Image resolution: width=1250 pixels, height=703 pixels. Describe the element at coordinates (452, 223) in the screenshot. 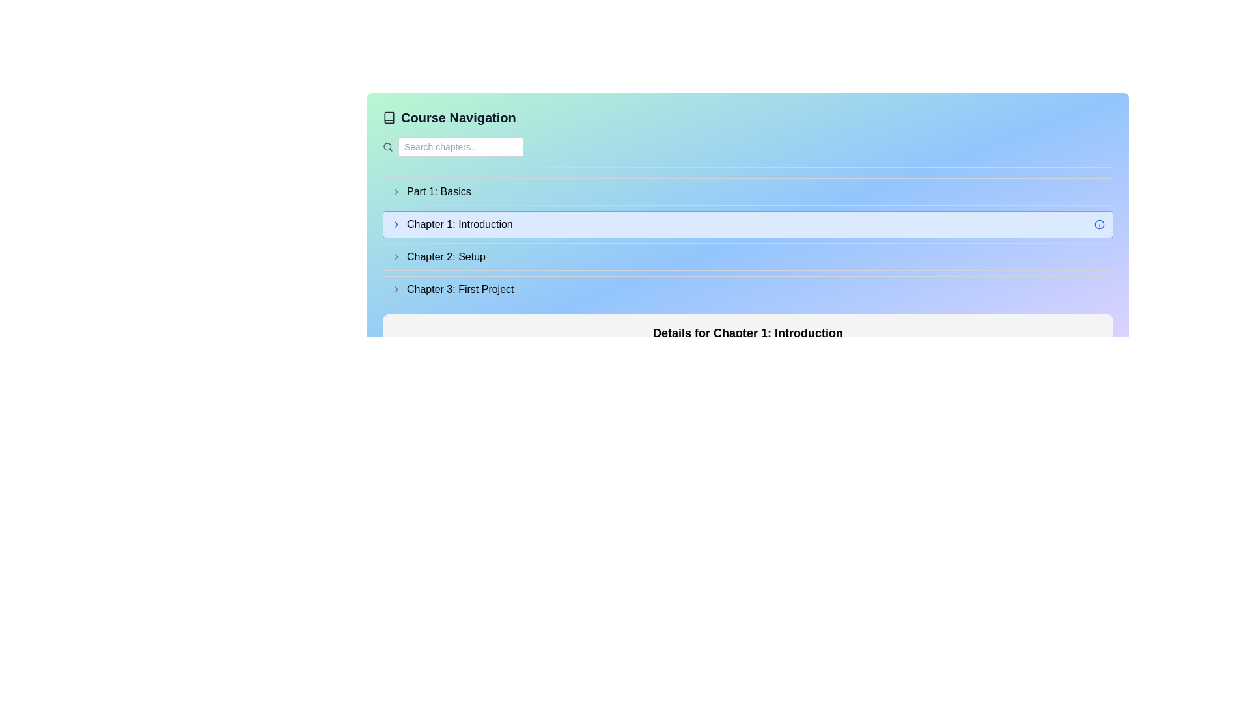

I see `the Text Label that indicates 'Chapter 1: Introduction', positioned centrally in the second row of the chapter titles list, below 'Part 1: Basics' and above 'Chapter 2: Setup'` at that location.